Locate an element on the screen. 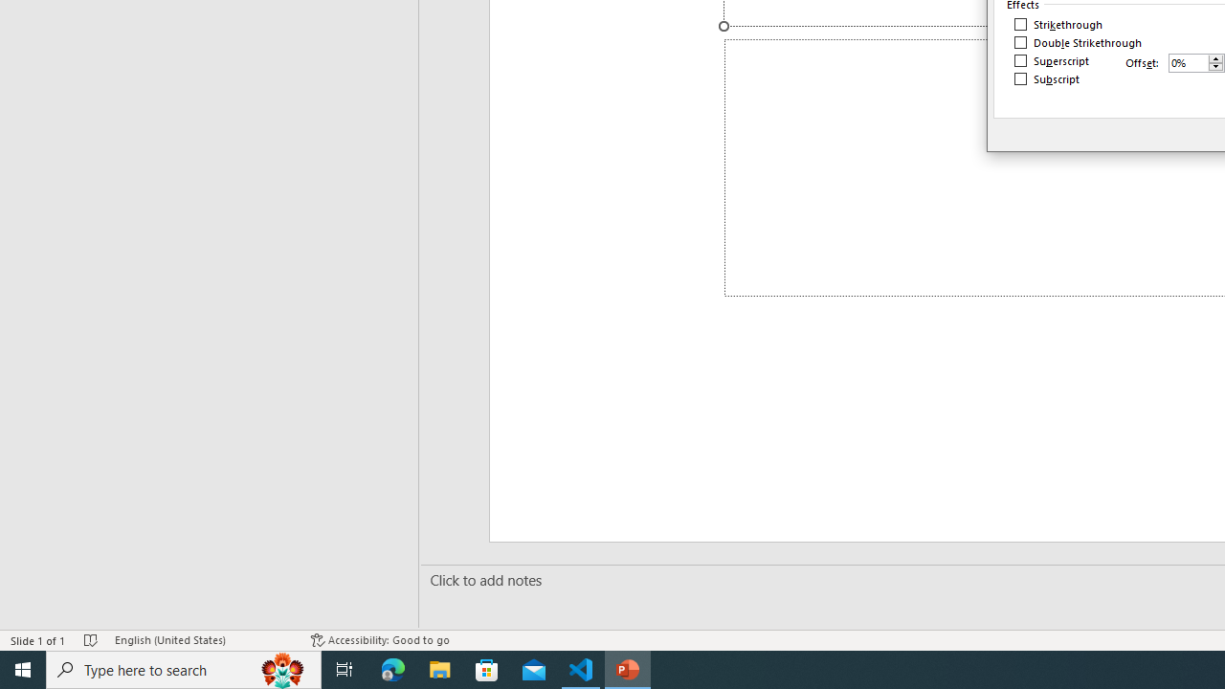 The width and height of the screenshot is (1225, 689). 'Superscript' is located at coordinates (1052, 60).